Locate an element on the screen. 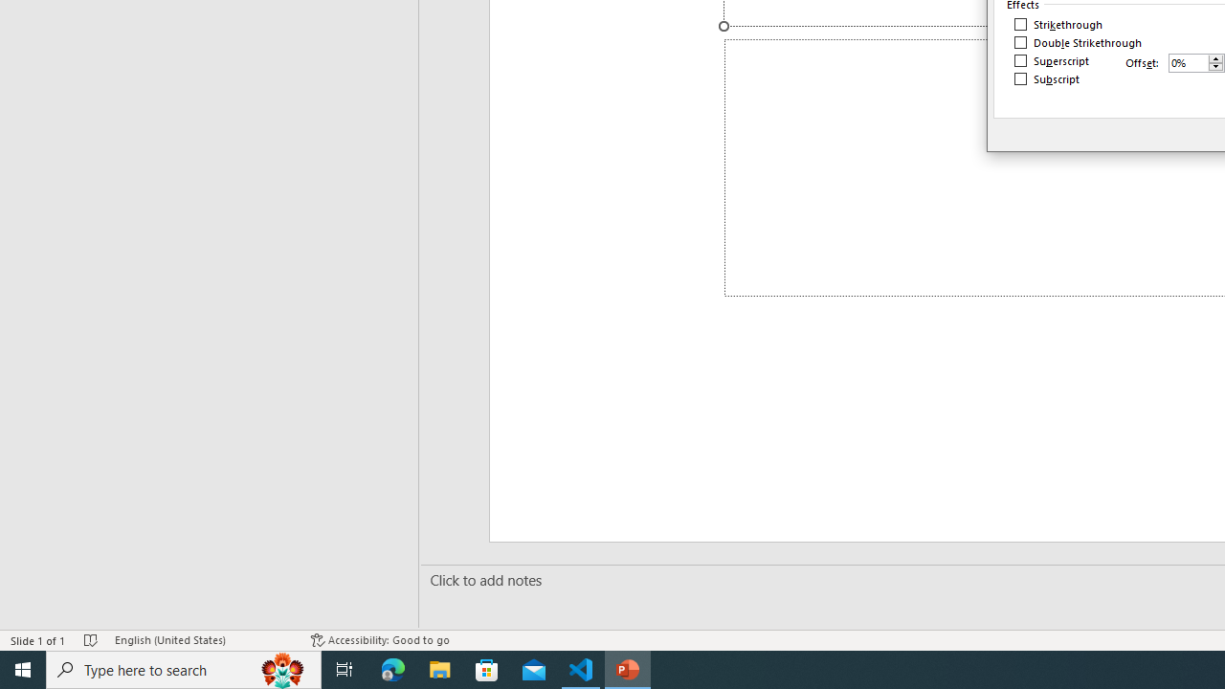 The width and height of the screenshot is (1225, 689). 'Superscript' is located at coordinates (1052, 60).